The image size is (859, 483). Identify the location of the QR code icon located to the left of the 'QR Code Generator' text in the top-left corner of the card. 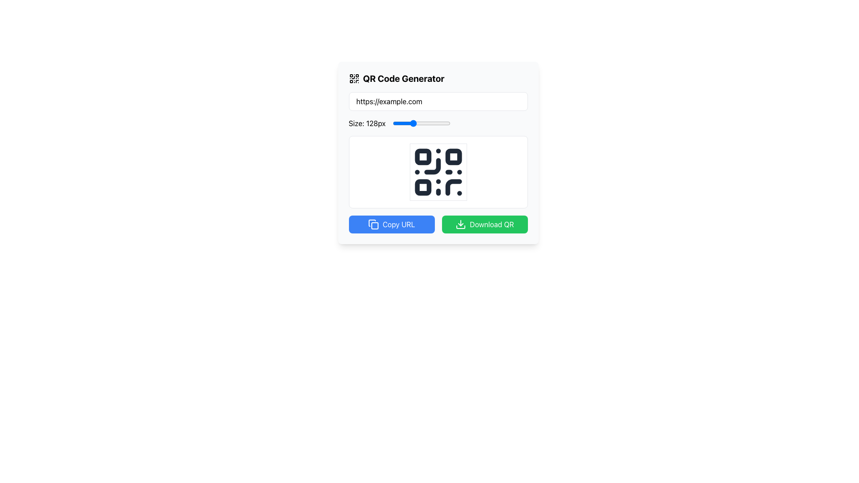
(353, 78).